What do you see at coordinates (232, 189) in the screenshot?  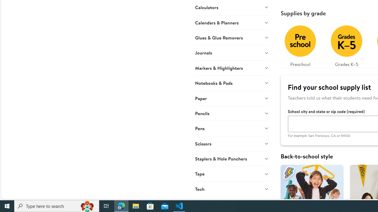 I see `'Tech'` at bounding box center [232, 189].